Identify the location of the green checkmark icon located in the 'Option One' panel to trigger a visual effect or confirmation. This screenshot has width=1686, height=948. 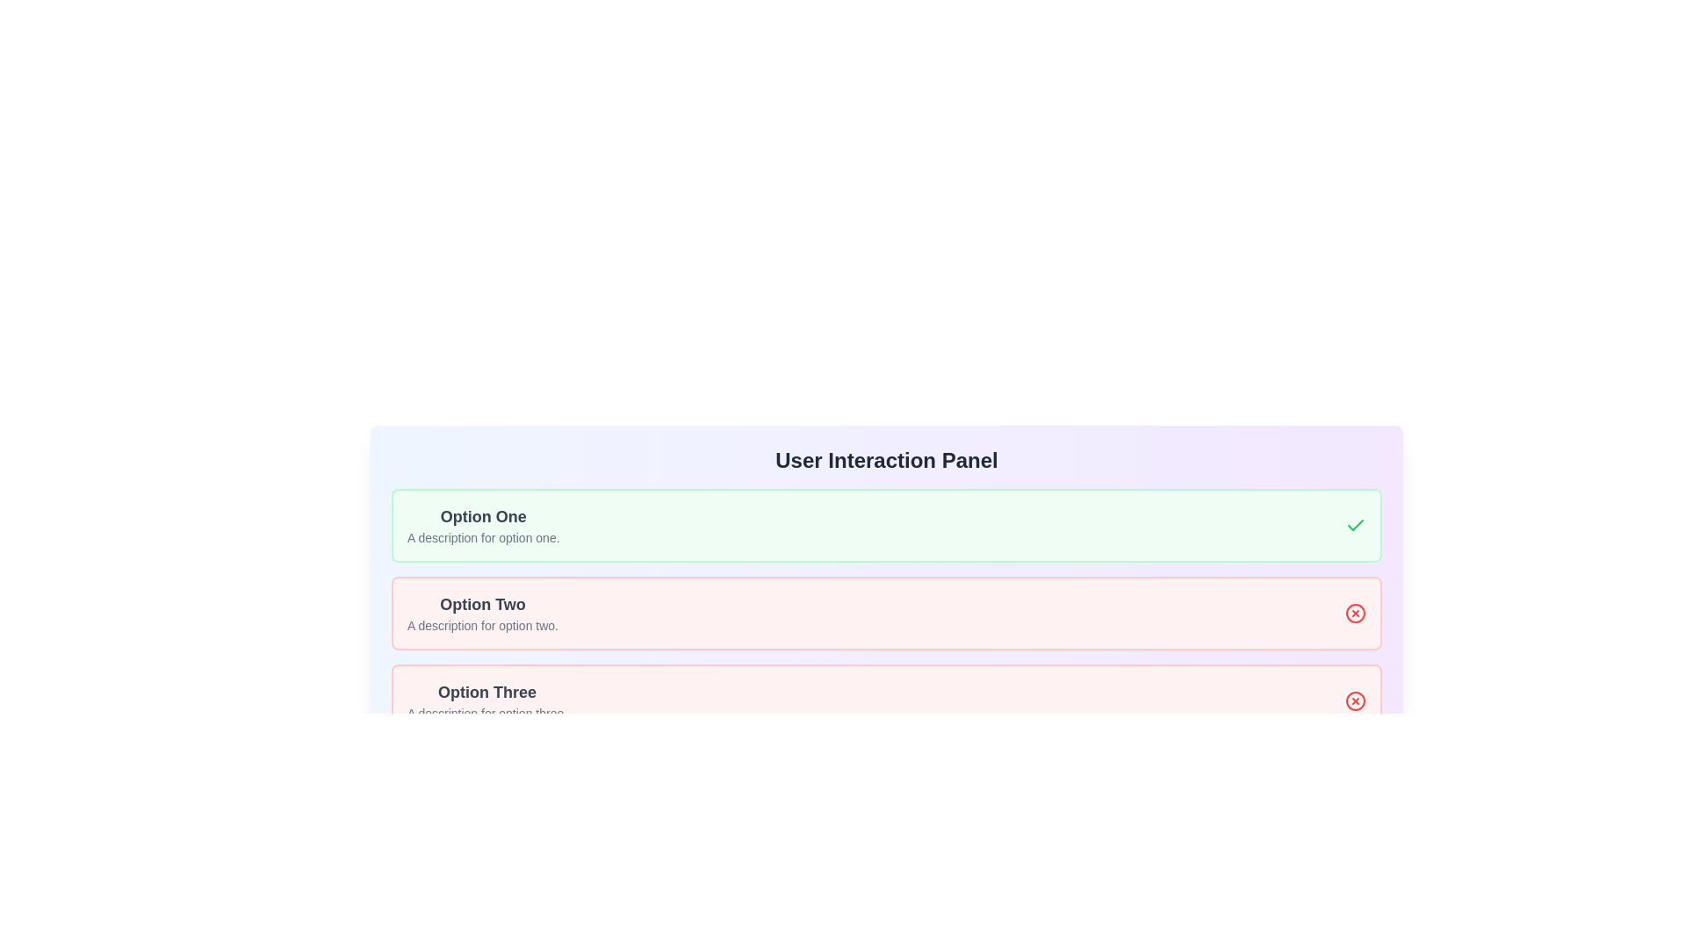
(1355, 523).